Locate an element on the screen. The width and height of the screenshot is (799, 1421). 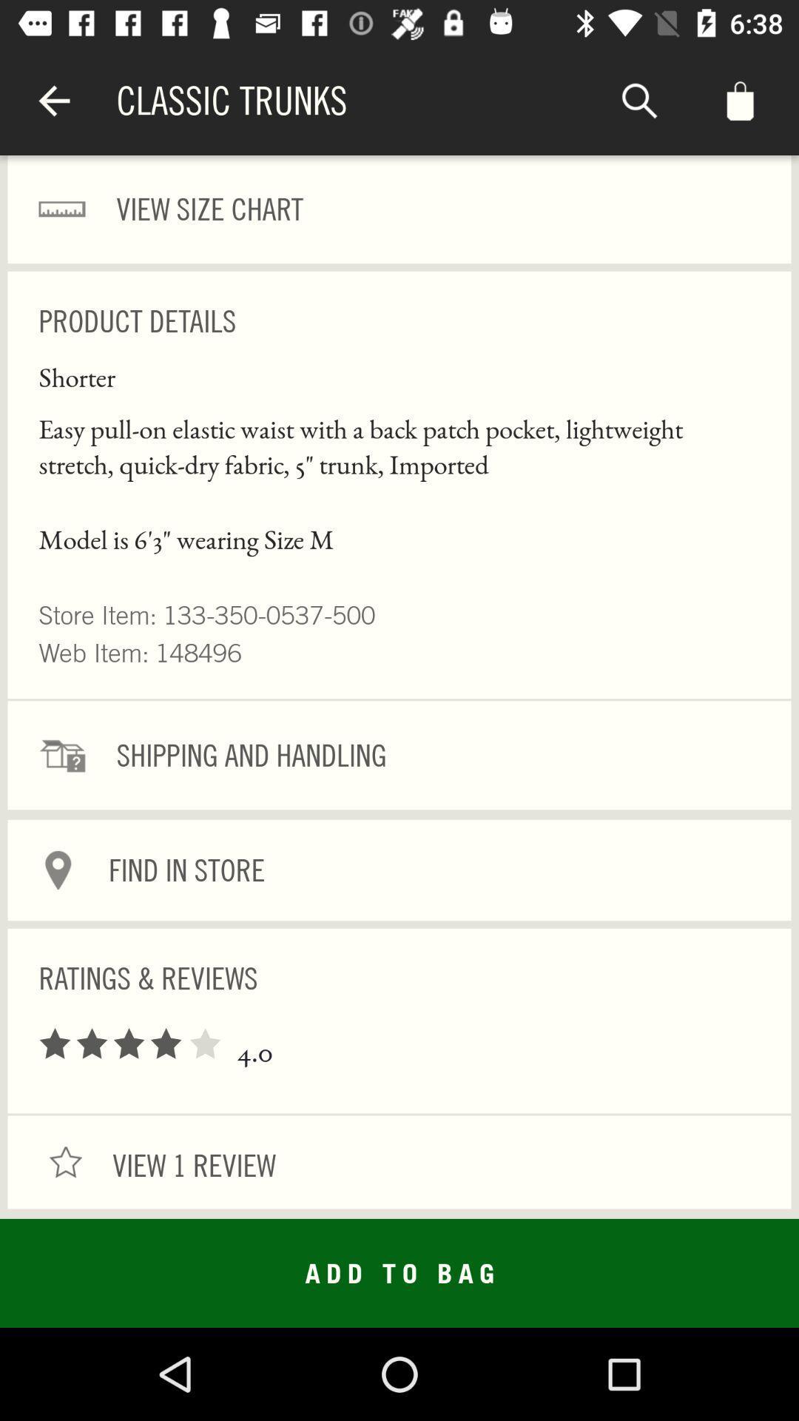
find in store is located at coordinates (399, 870).